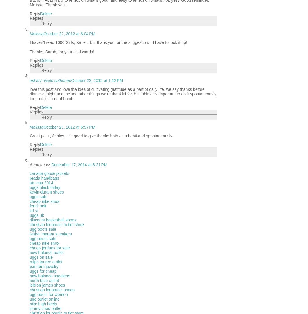 The height and width of the screenshot is (314, 308). Describe the element at coordinates (29, 271) in the screenshot. I see `'uggs for cheap'` at that location.